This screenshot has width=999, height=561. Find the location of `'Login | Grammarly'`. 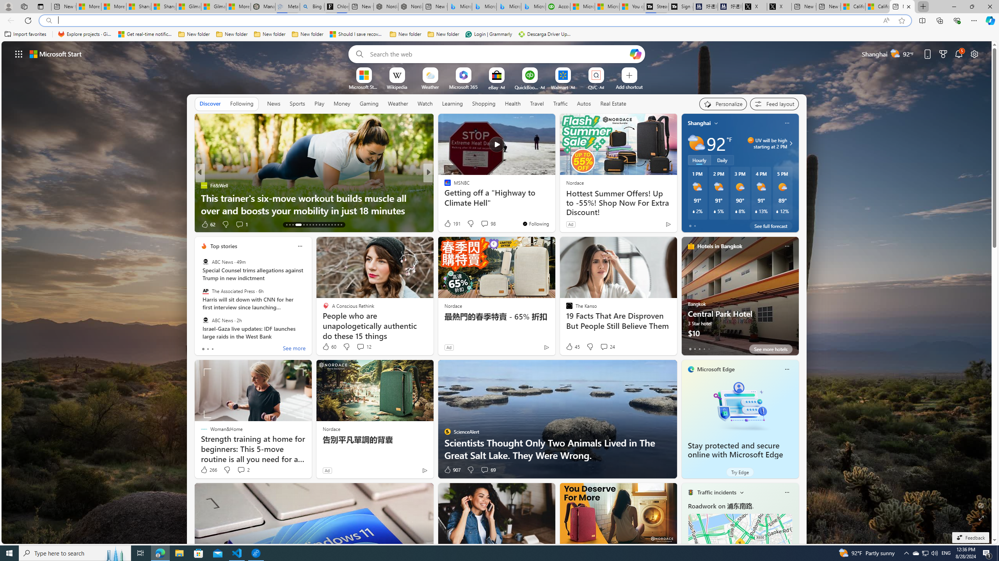

'Login | Grammarly' is located at coordinates (489, 34).